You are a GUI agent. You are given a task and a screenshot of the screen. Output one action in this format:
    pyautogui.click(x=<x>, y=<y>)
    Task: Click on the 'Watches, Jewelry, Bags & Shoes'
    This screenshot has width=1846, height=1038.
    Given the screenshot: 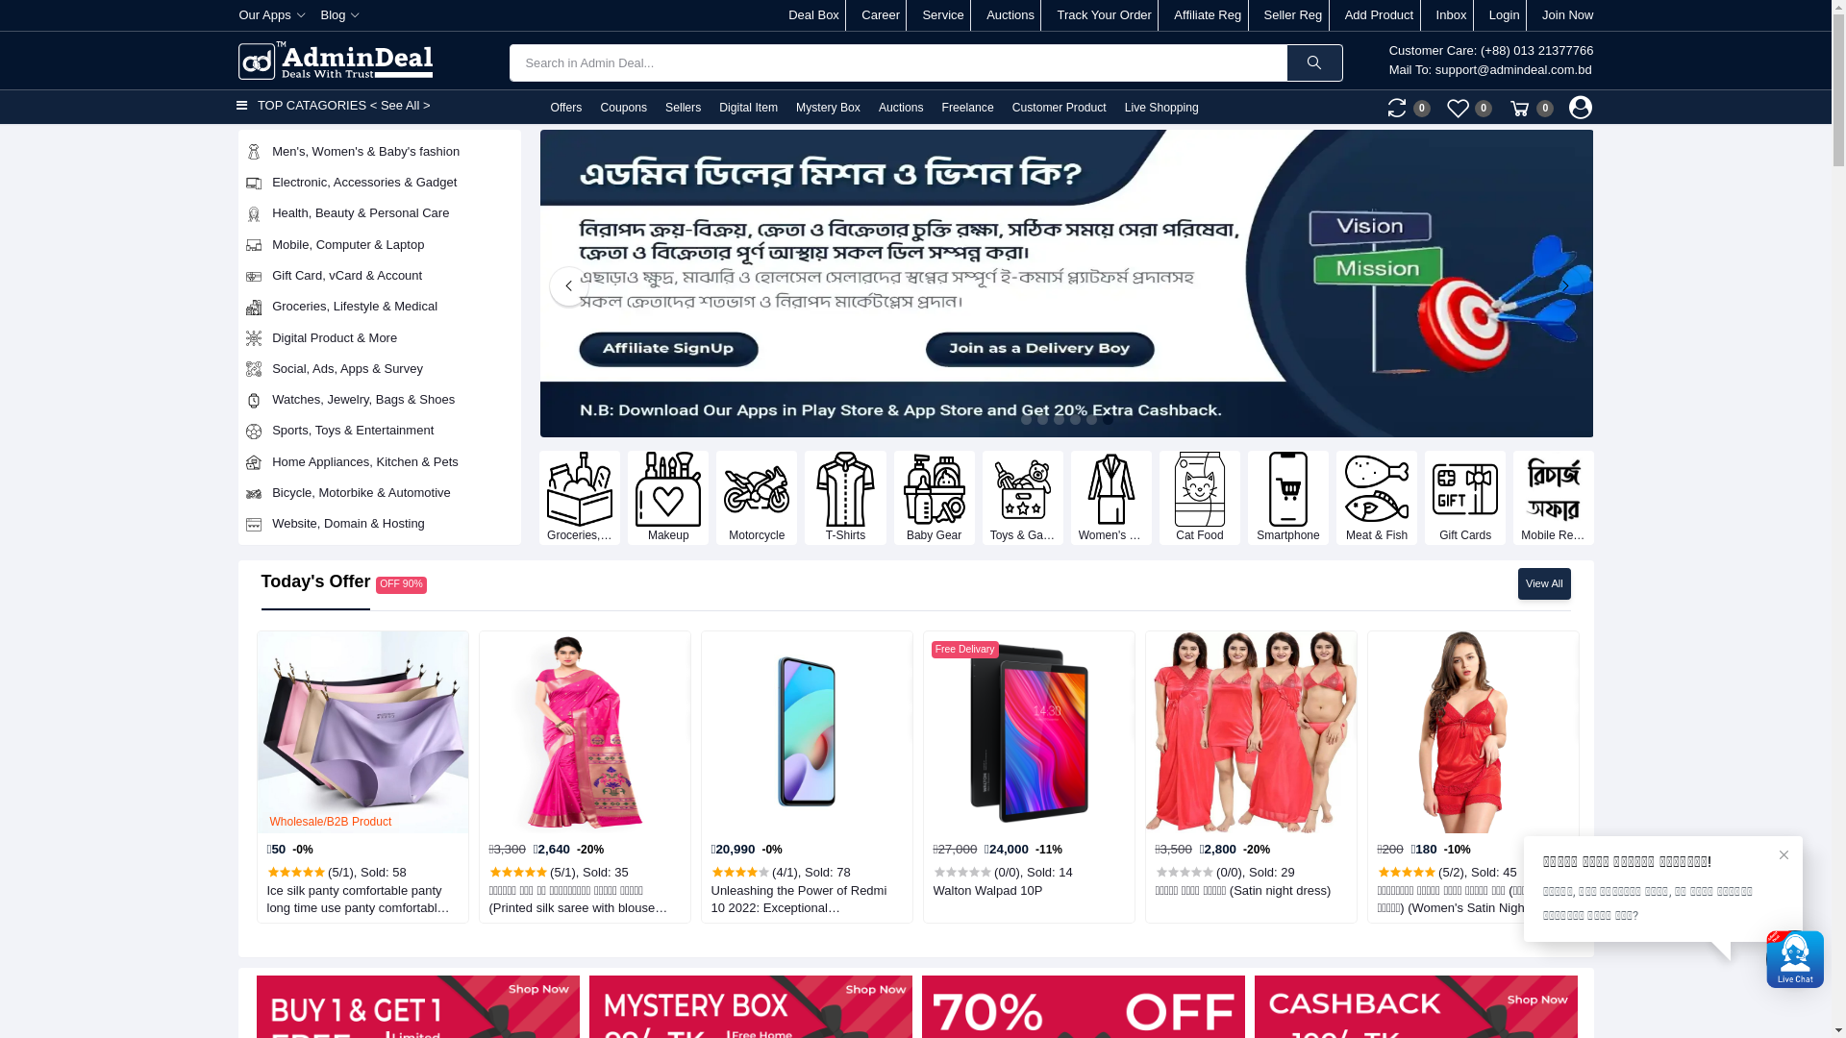 What is the action you would take?
    pyautogui.click(x=380, y=399)
    